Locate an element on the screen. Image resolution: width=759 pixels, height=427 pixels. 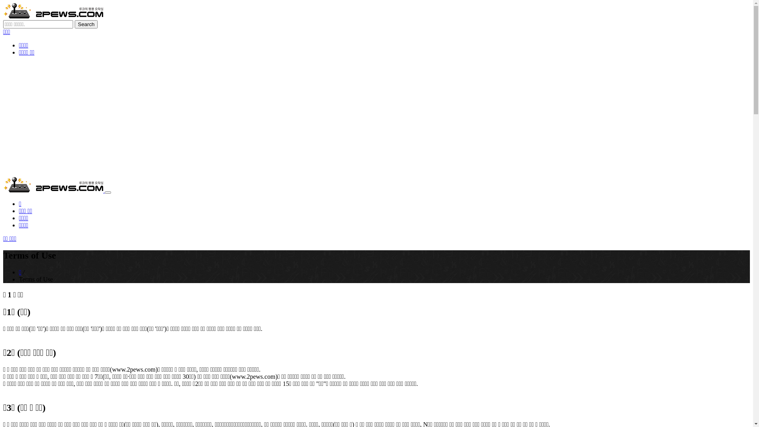
'Search' is located at coordinates (86, 24).